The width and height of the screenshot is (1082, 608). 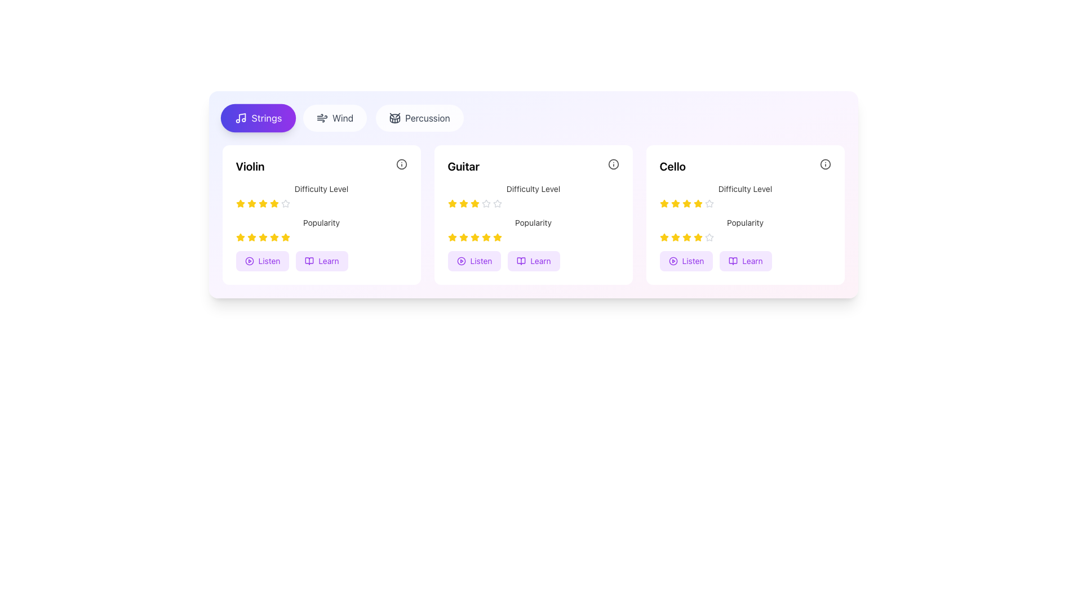 What do you see at coordinates (452, 204) in the screenshot?
I see `the yellow star-shaped icon indicating the rating for 'Difficulty Level' in the 'Guitar' card interface` at bounding box center [452, 204].